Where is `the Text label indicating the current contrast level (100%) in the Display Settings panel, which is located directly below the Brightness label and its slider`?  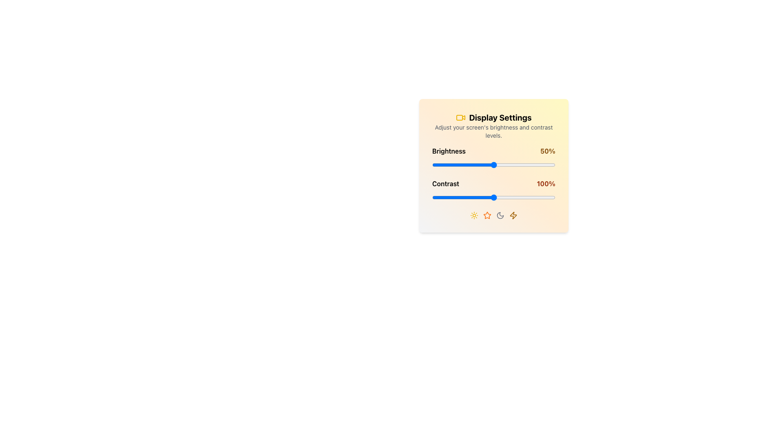 the Text label indicating the current contrast level (100%) in the Display Settings panel, which is located directly below the Brightness label and its slider is located at coordinates (493, 190).